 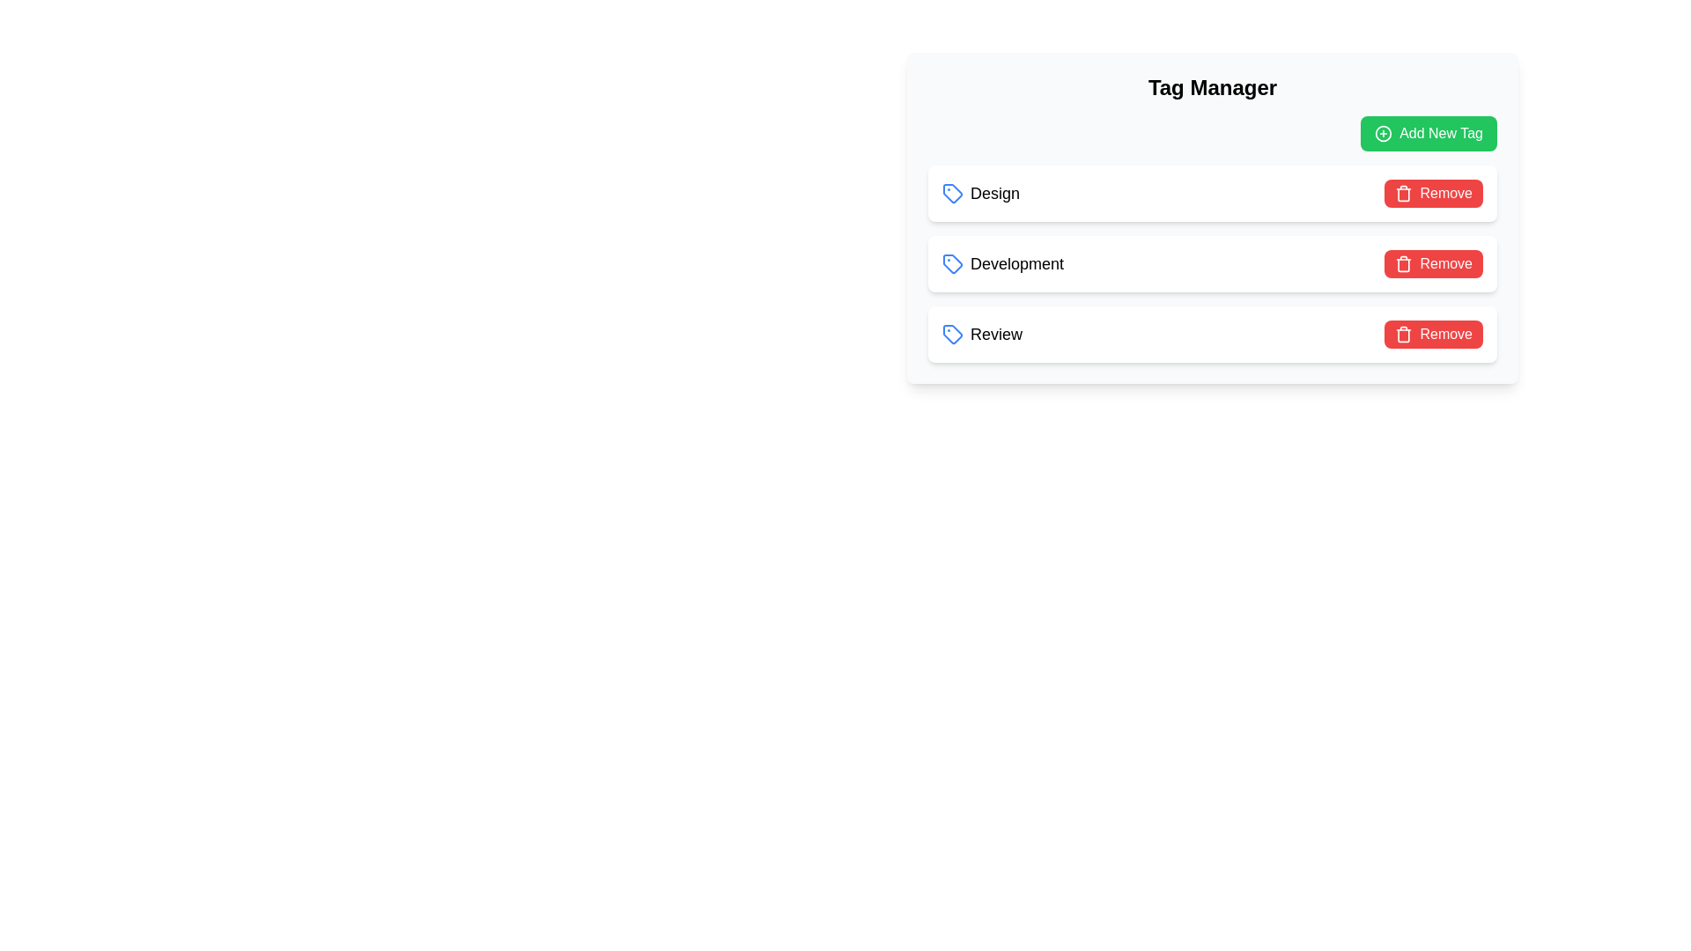 What do you see at coordinates (951, 193) in the screenshot?
I see `the 'Design' icon that visually represents the 'Design' label, which is the first element in the 'Design' section of the list` at bounding box center [951, 193].